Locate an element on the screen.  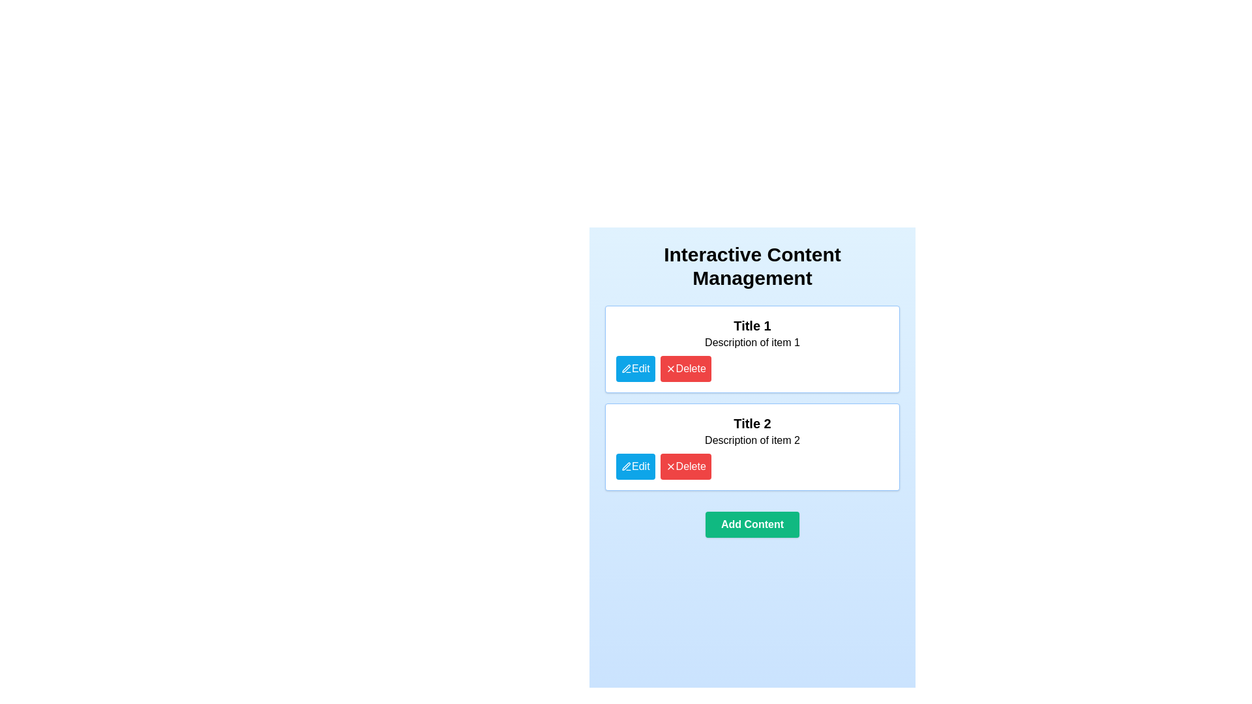
the button located to the left of the red 'Delete' button in the top-left corner of the 'Title 2 Description of item 2' block is located at coordinates (635, 466).